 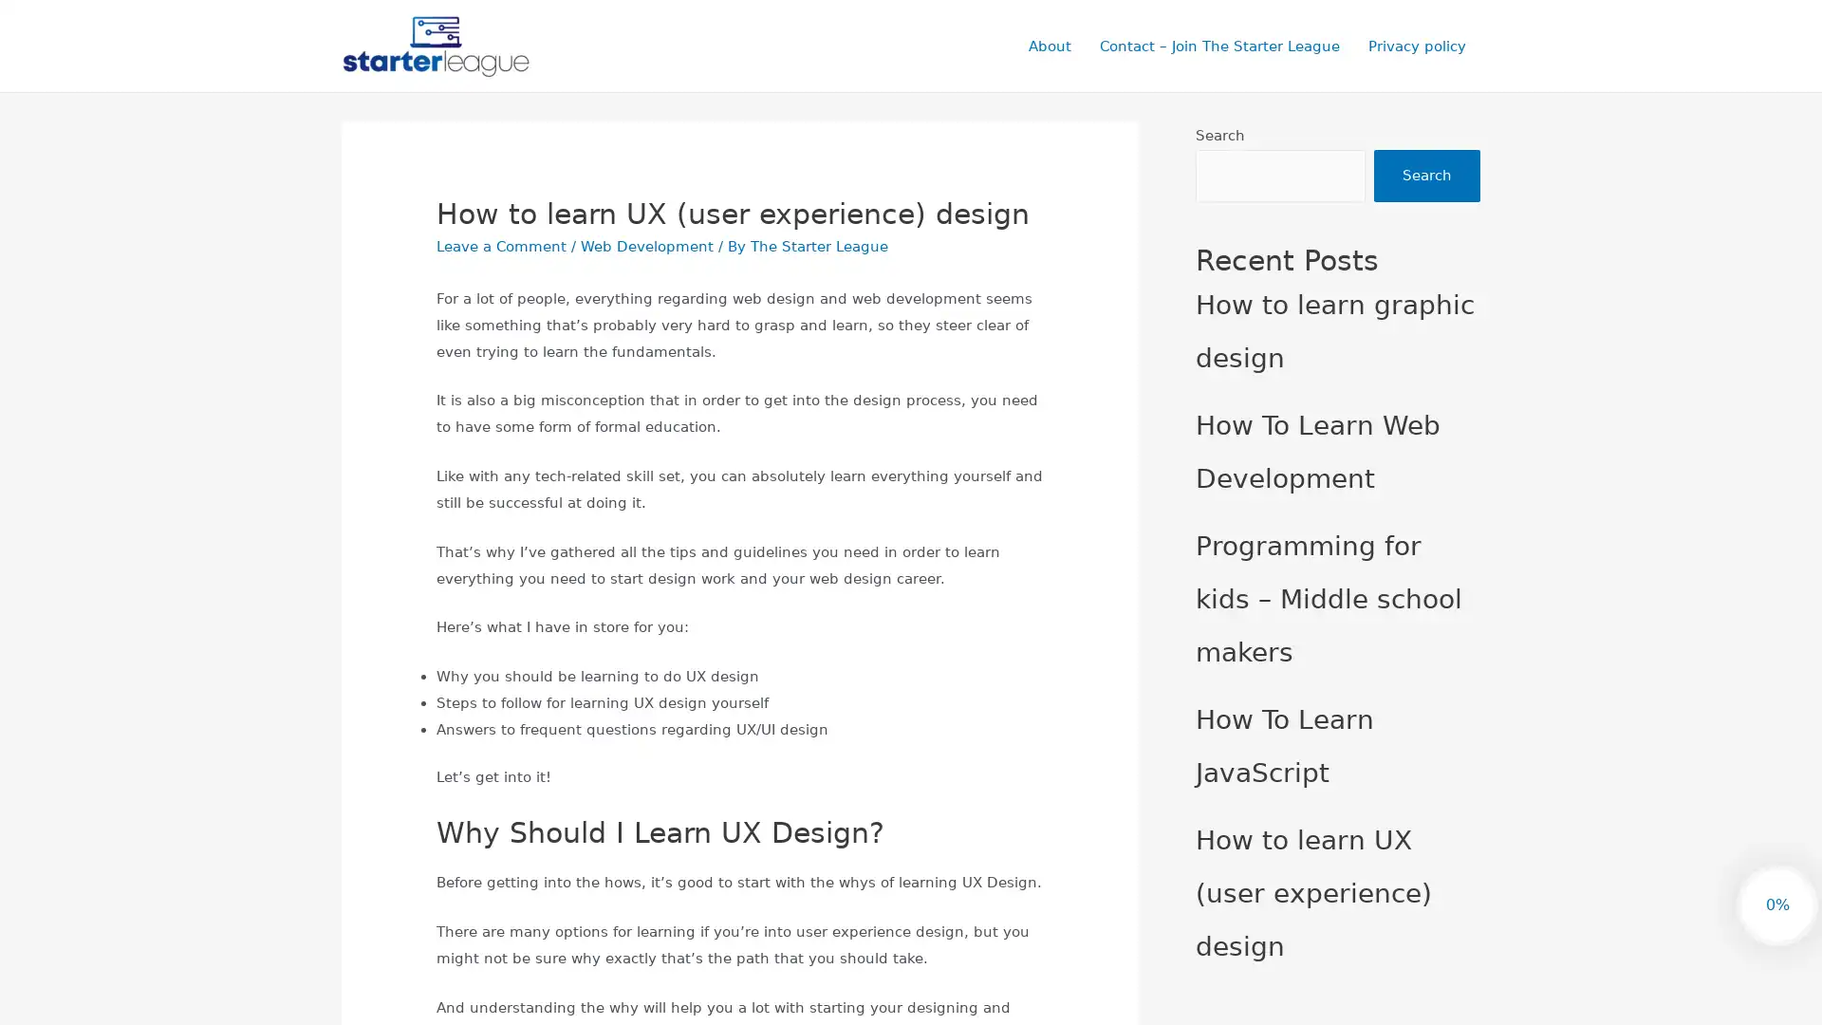 I want to click on Search, so click(x=1426, y=176).